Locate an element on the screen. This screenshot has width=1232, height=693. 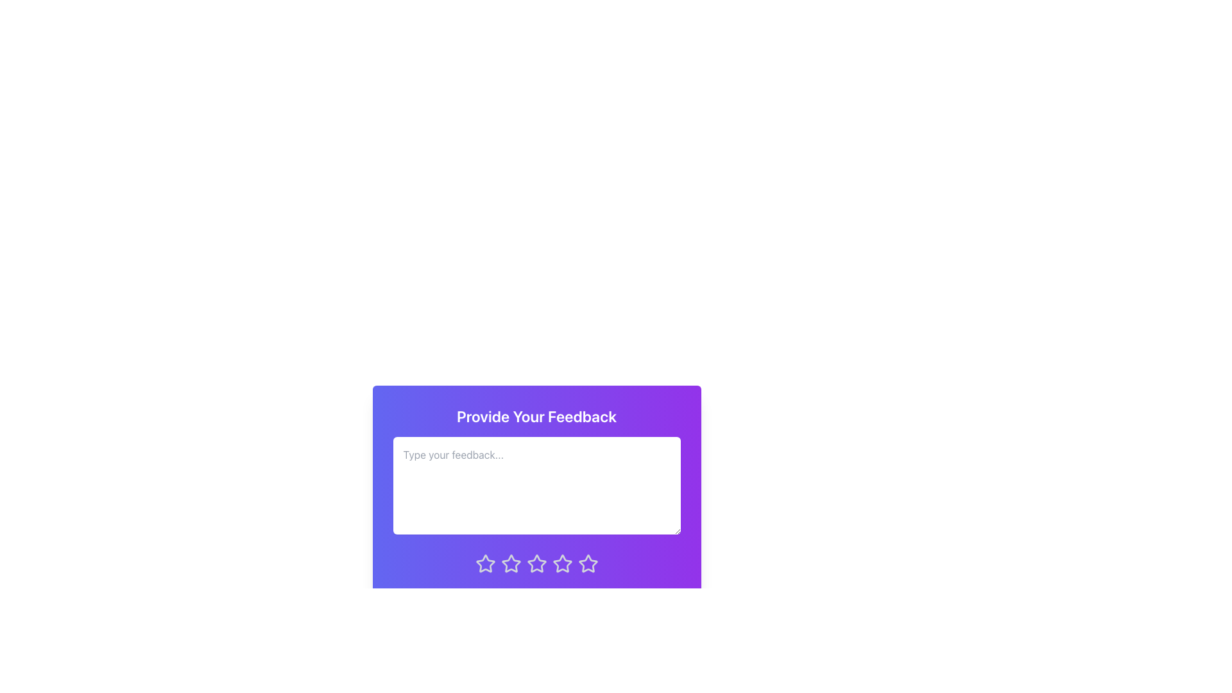
the fifth star-shaped icon in the row of rating stars is located at coordinates (587, 563).